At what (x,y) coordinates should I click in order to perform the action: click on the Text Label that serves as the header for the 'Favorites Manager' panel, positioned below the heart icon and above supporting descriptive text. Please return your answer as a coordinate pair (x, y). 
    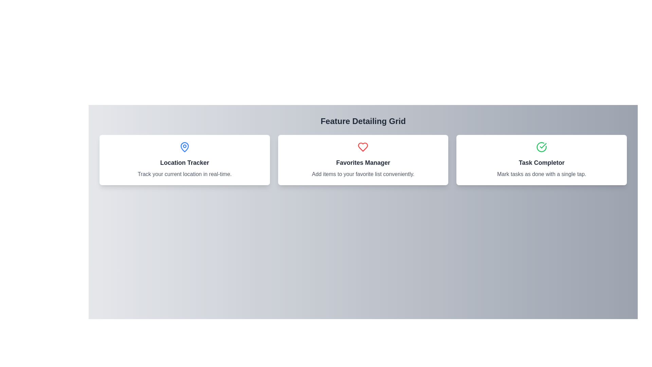
    Looking at the image, I should click on (363, 162).